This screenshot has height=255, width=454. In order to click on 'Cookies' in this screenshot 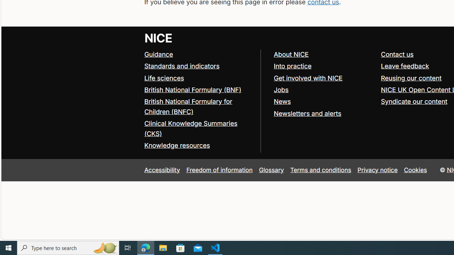, I will do `click(415, 170)`.